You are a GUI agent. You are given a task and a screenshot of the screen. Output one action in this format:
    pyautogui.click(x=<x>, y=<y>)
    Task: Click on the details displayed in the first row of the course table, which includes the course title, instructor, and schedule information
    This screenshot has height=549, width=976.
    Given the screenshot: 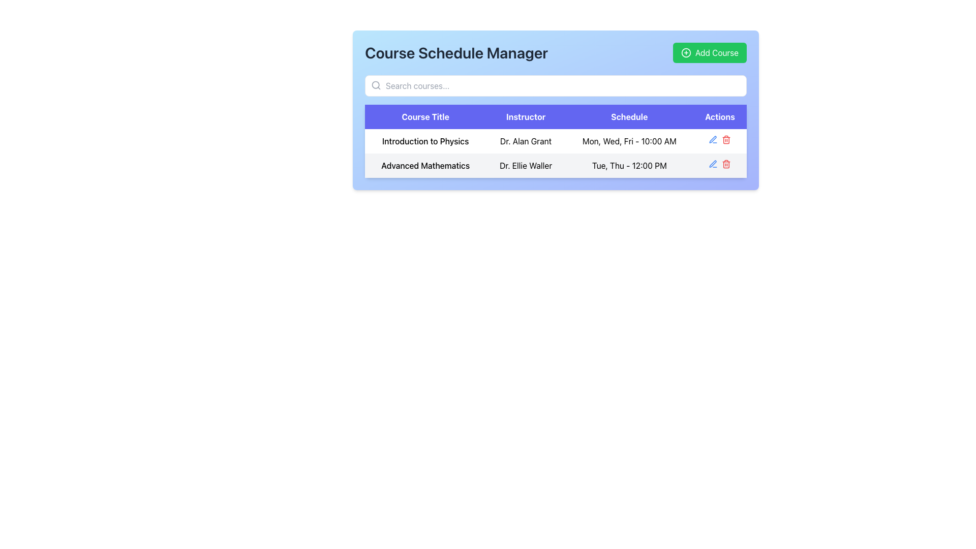 What is the action you would take?
    pyautogui.click(x=555, y=141)
    